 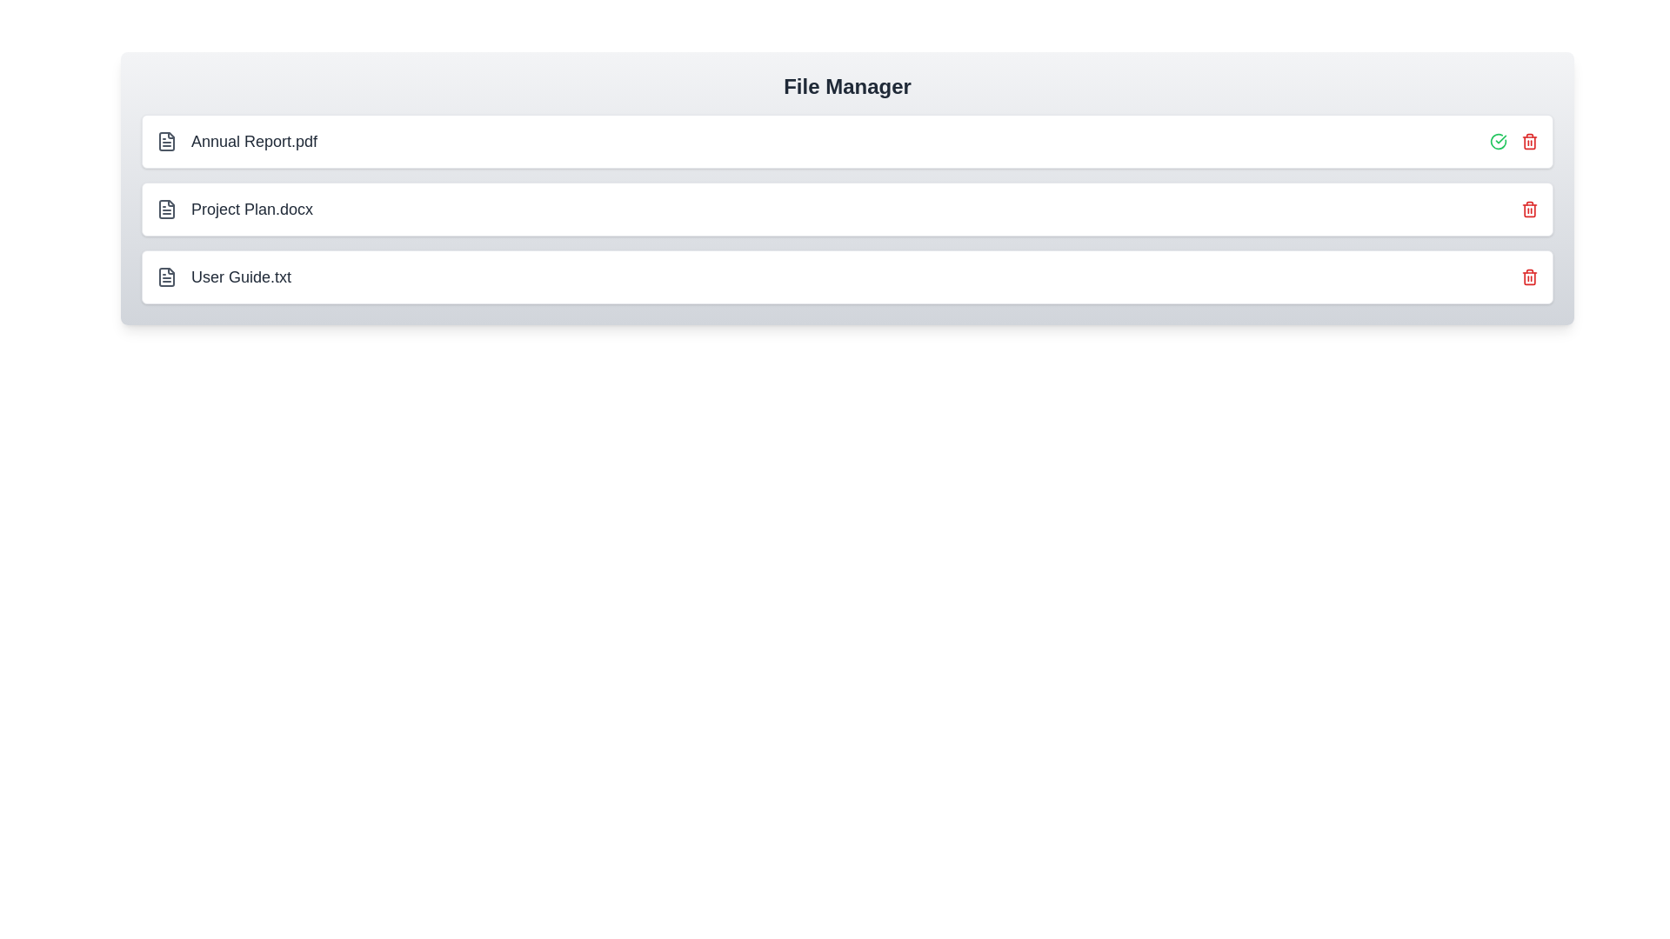 I want to click on the text label indicating the filename 'User Guide.txt' for accessibility purposes, so click(x=240, y=276).